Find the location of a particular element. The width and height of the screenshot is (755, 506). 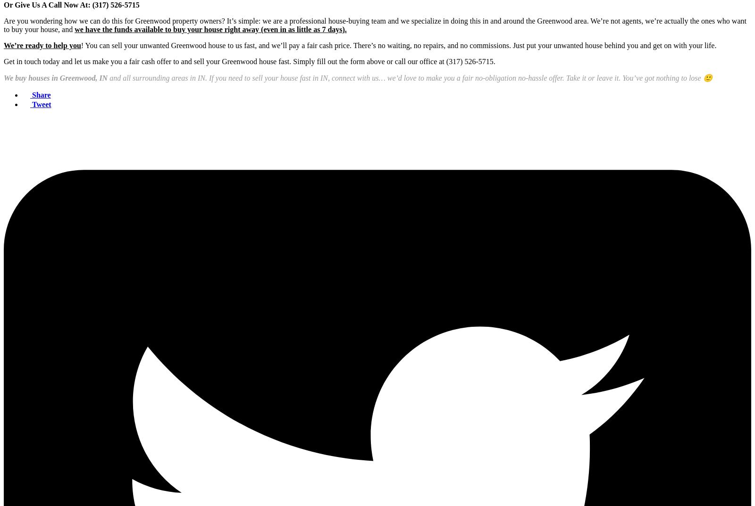

'Tweet' is located at coordinates (41, 104).